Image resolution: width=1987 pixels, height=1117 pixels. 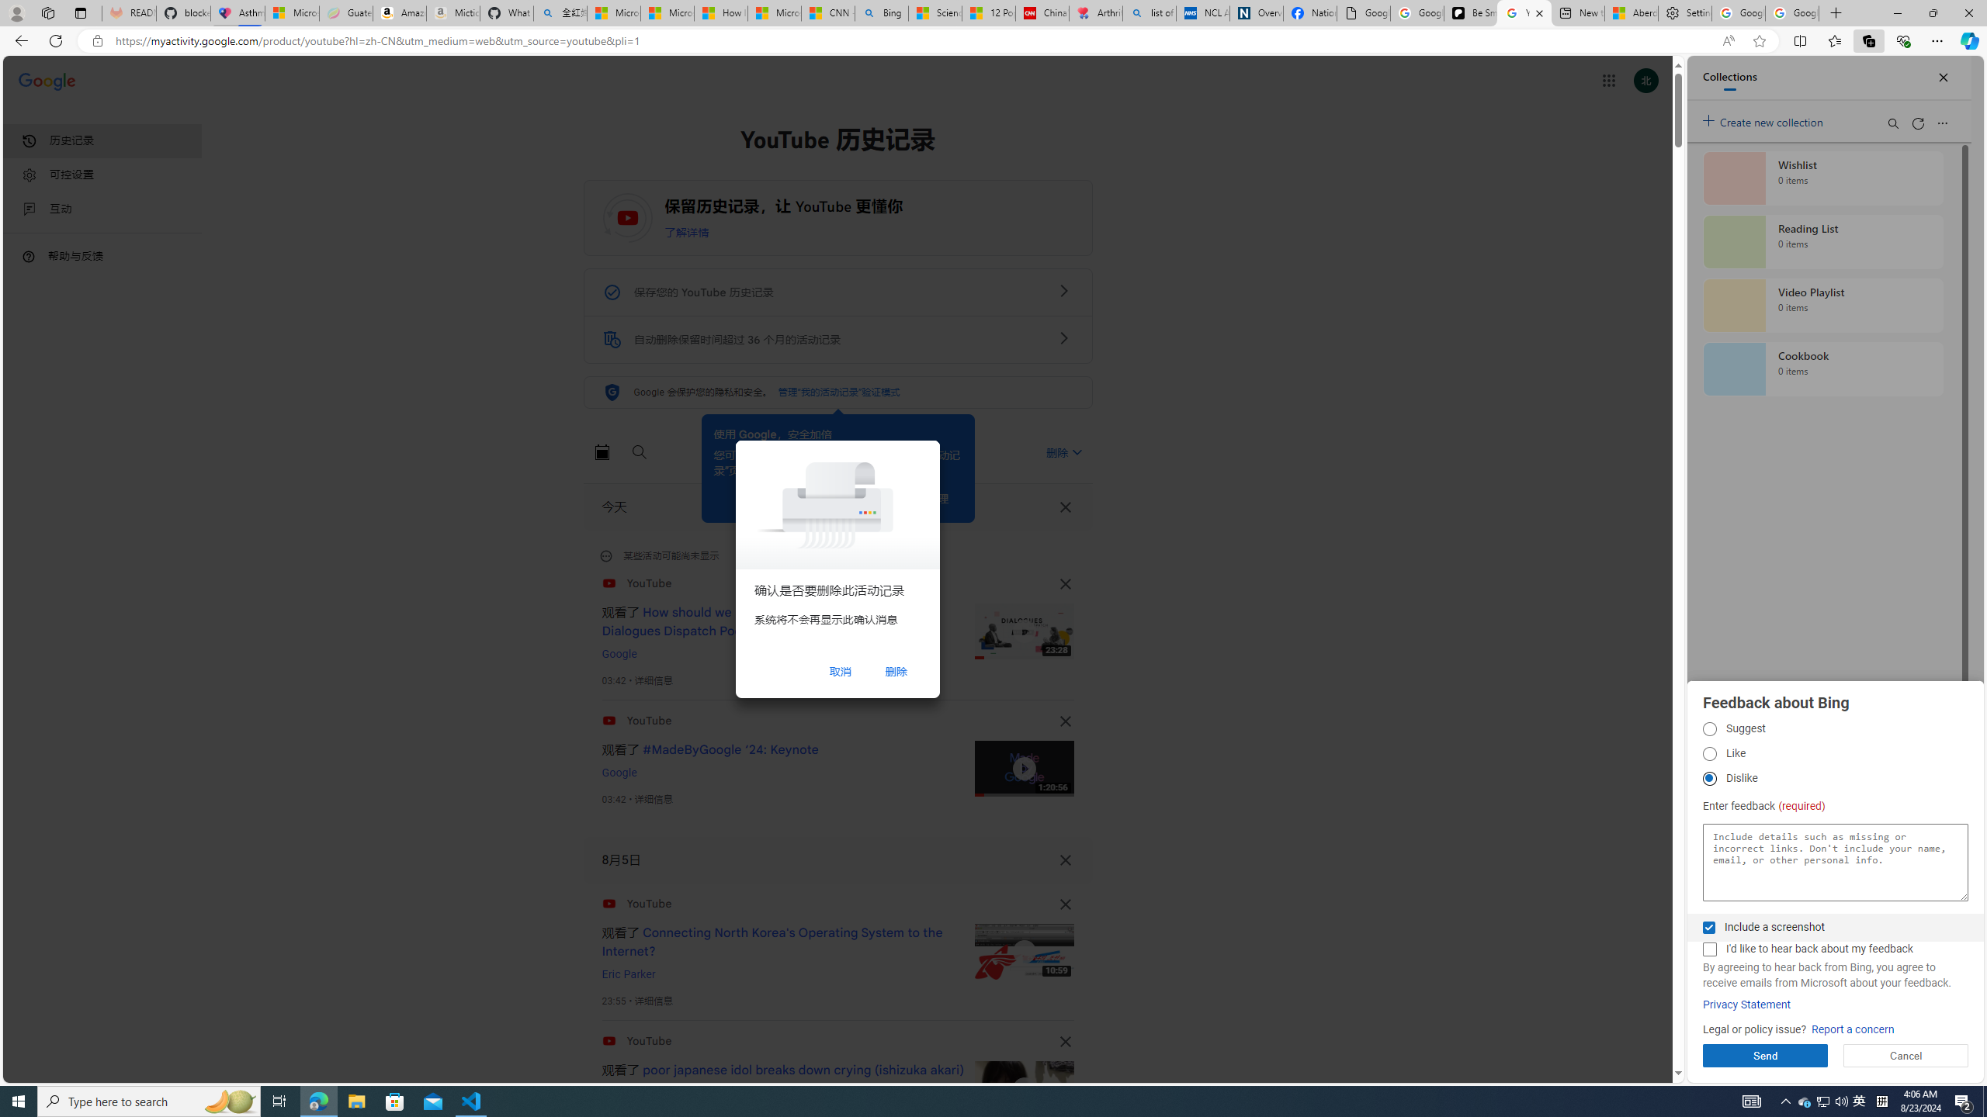 I want to click on 'Privacy Statement', so click(x=1746, y=1005).